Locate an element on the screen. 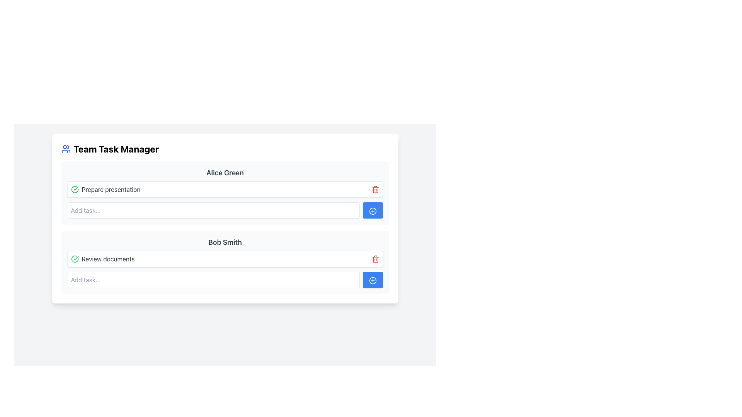 This screenshot has width=742, height=417. the green circled checkmark icon to view the status of the task labeled 'Prepare presentation' is located at coordinates (75, 189).